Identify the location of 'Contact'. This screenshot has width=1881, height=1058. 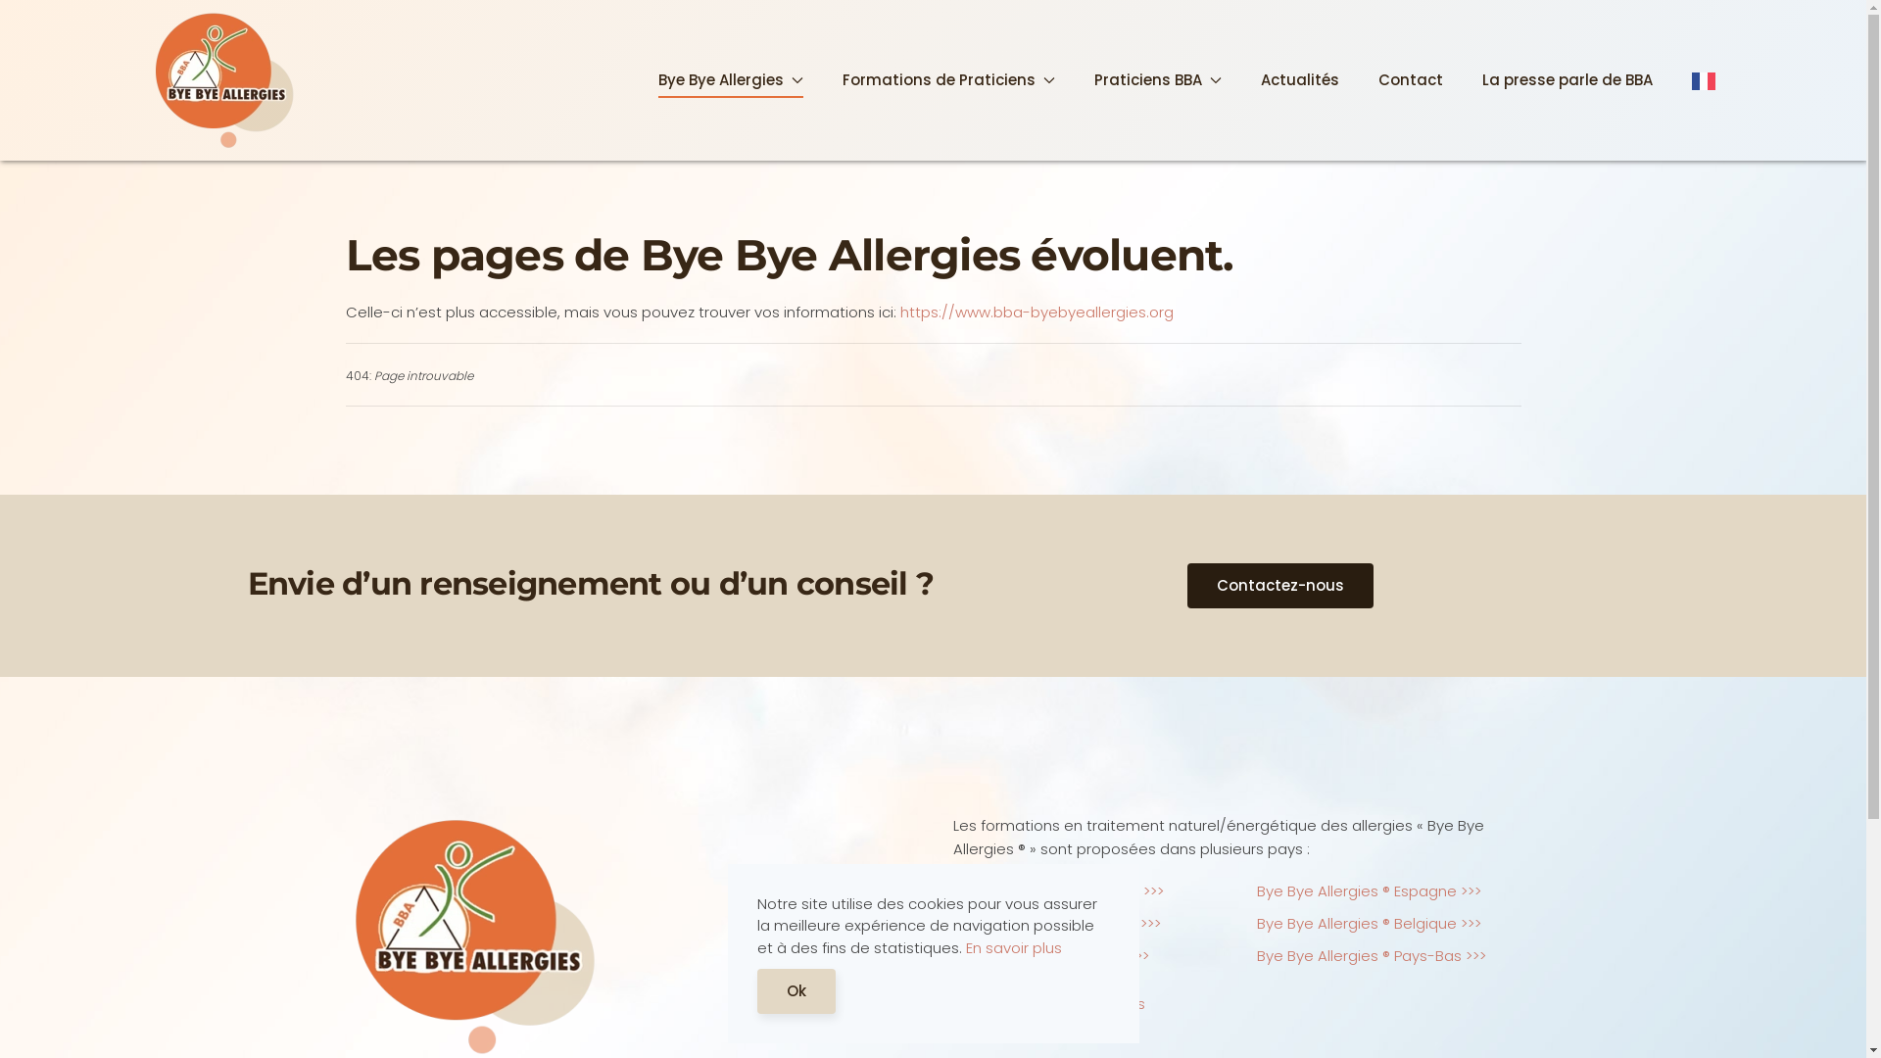
(1376, 78).